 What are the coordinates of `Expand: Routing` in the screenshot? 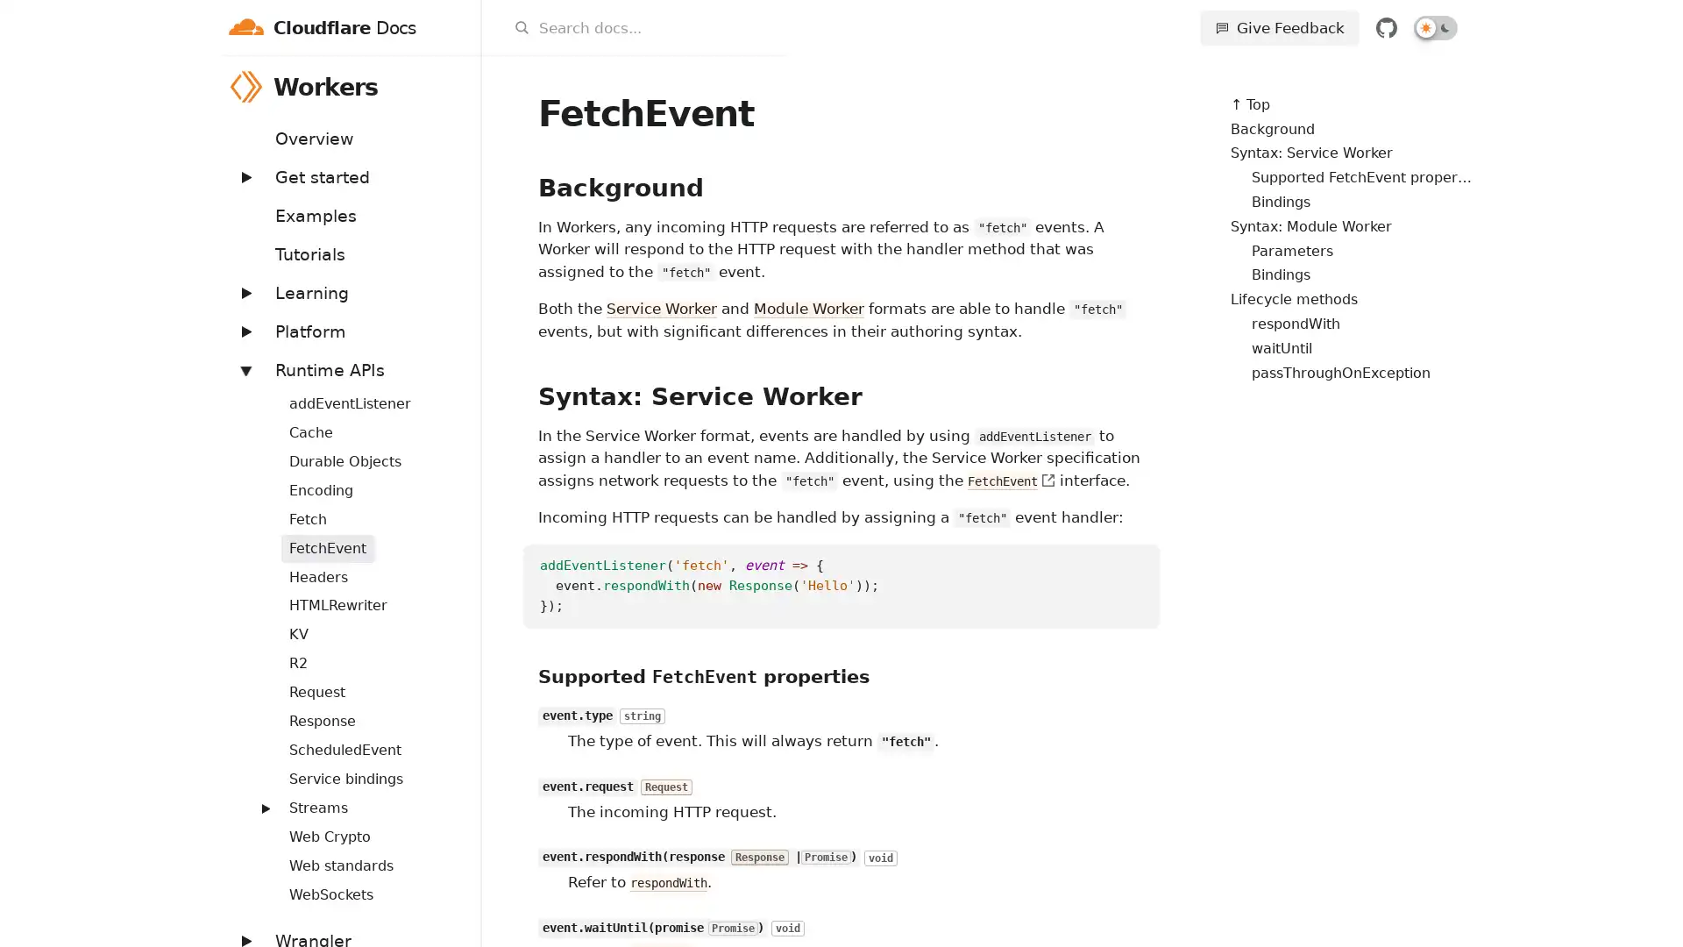 It's located at (255, 740).